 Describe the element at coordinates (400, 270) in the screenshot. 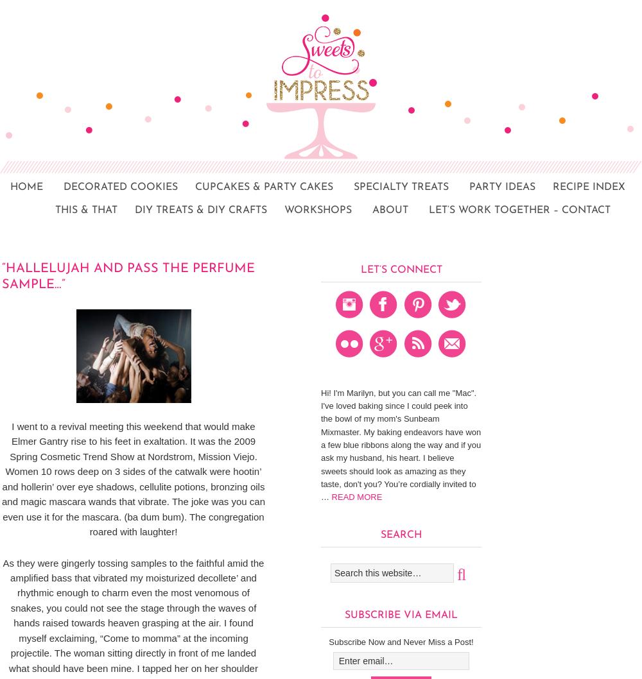

I see `'Let’s Connect'` at that location.